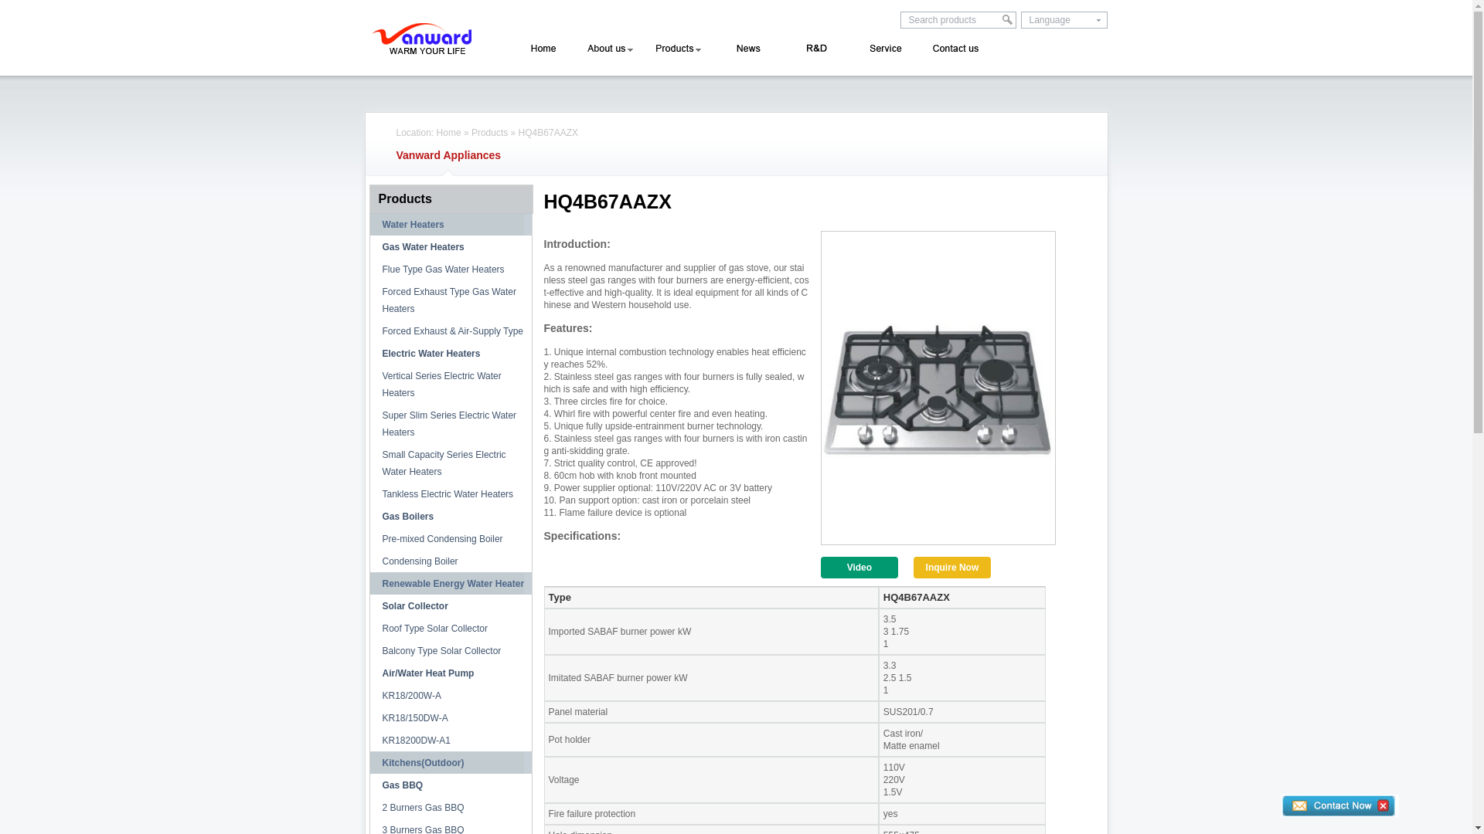 The image size is (1484, 834). What do you see at coordinates (743, 48) in the screenshot?
I see `'News'` at bounding box center [743, 48].